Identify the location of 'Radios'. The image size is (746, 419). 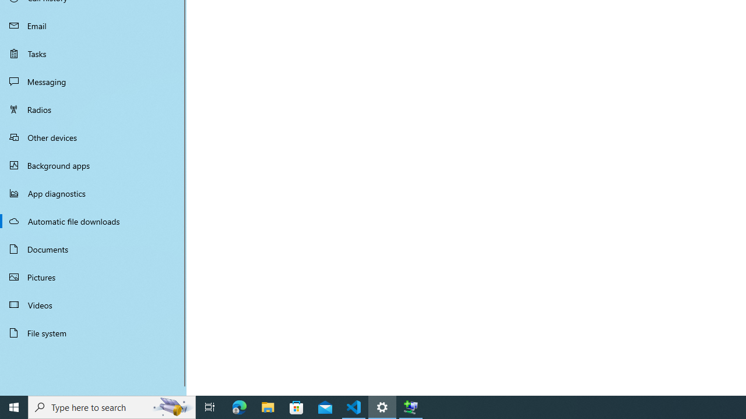
(93, 109).